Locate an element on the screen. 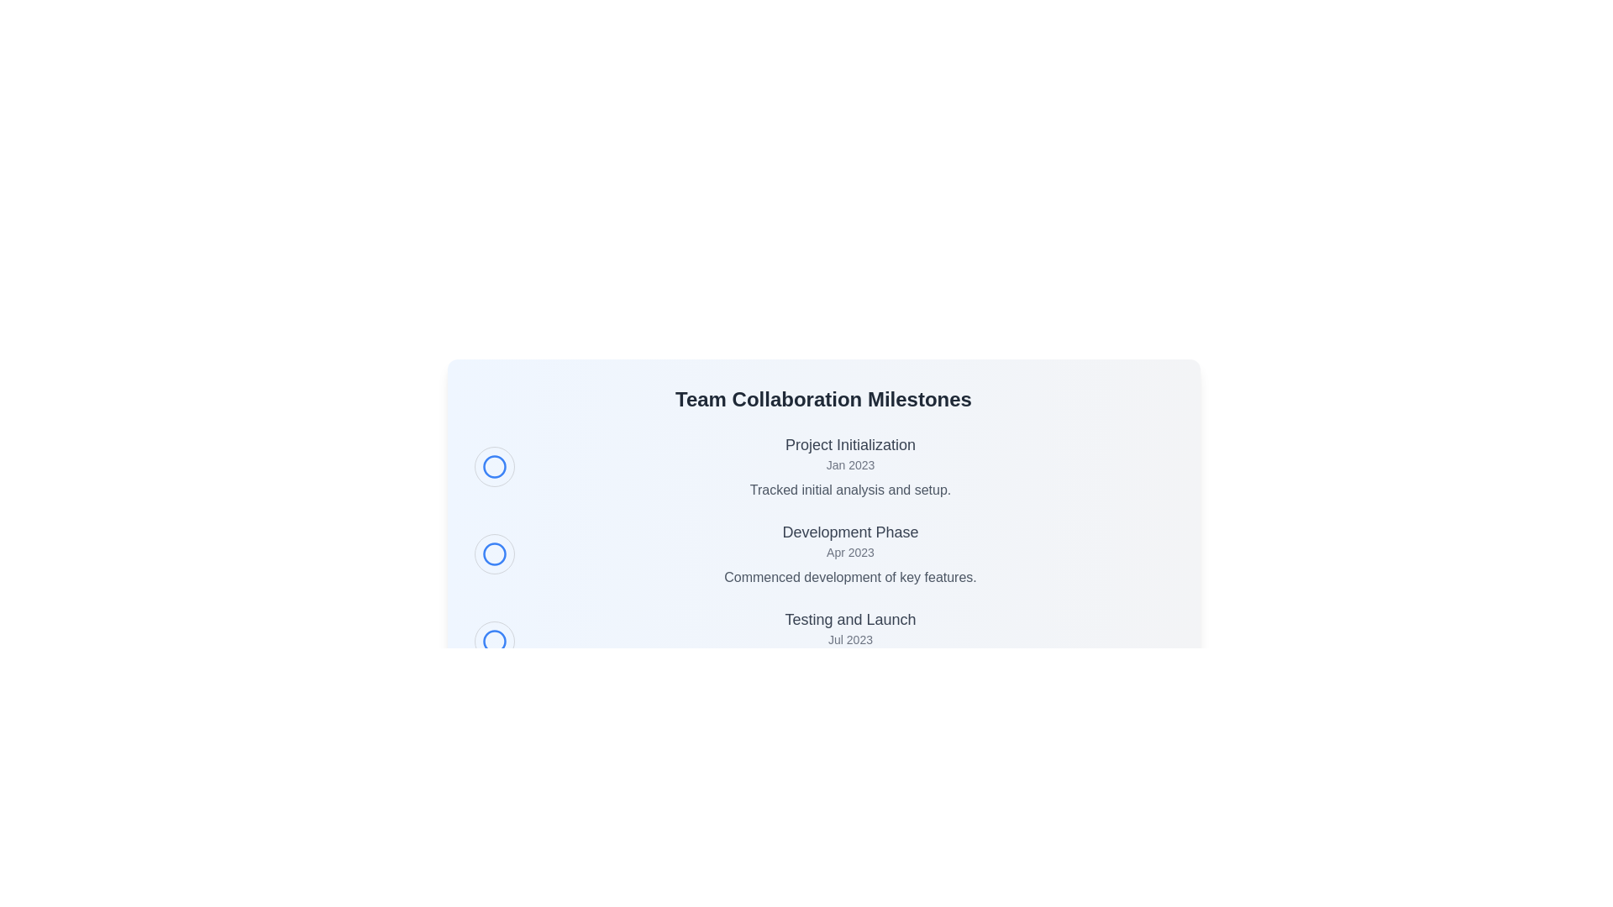 Image resolution: width=1613 pixels, height=907 pixels. the text label displaying 'Jan 2023' is located at coordinates (850, 465).